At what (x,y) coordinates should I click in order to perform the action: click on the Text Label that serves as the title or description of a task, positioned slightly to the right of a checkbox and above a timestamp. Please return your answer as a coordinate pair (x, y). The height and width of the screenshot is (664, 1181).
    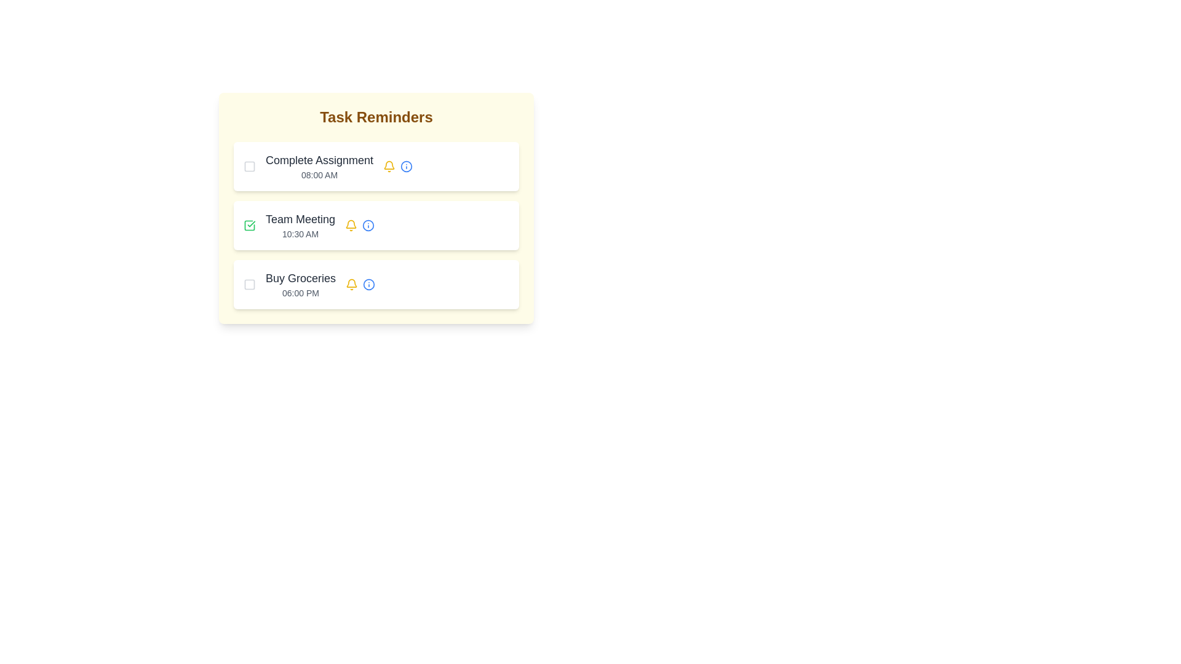
    Looking at the image, I should click on (319, 160).